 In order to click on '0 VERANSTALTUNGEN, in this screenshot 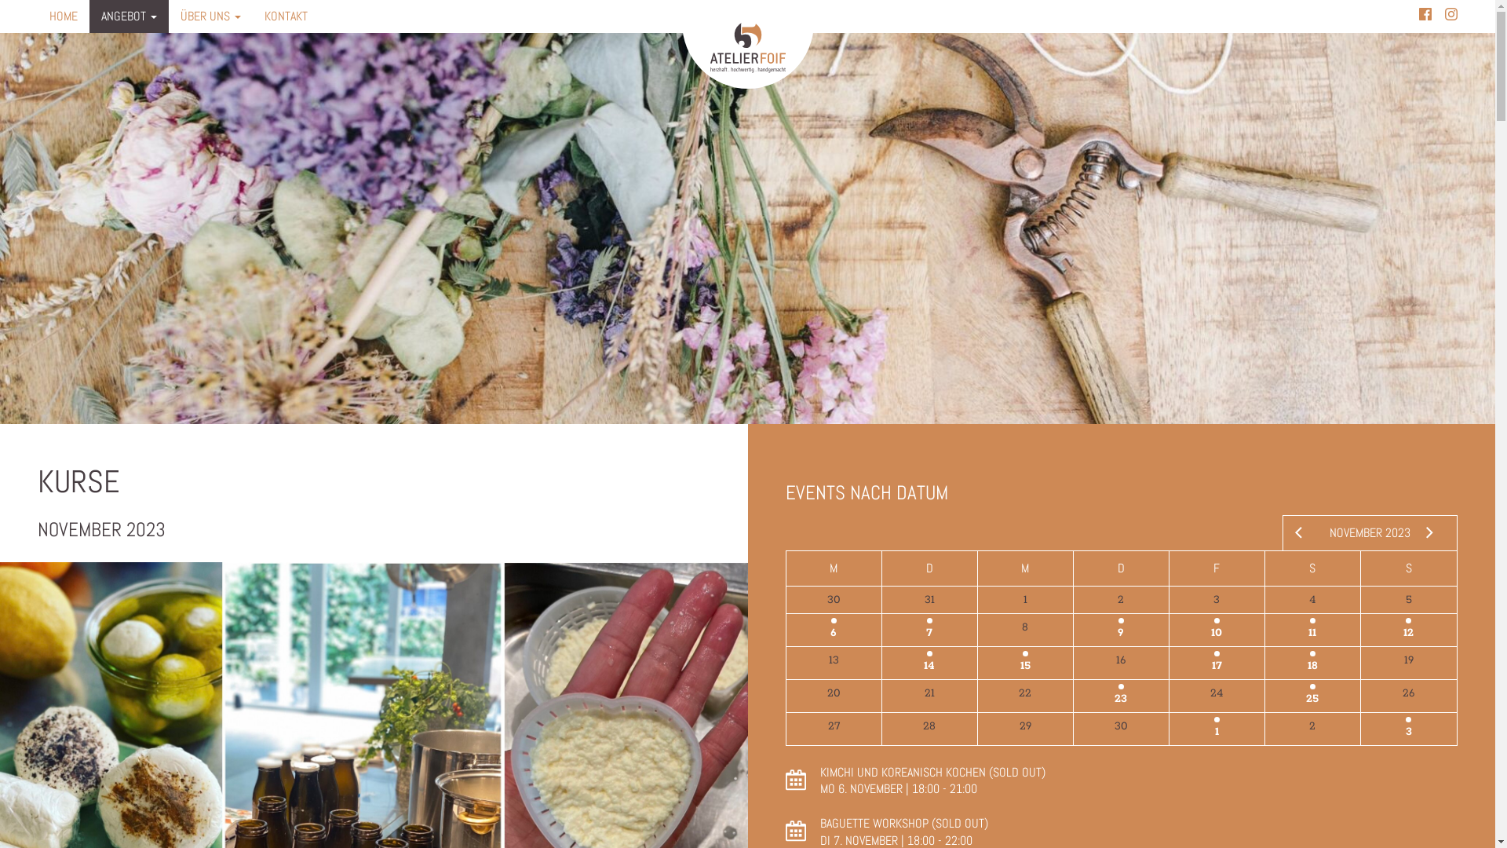, I will do `click(929, 695)`.